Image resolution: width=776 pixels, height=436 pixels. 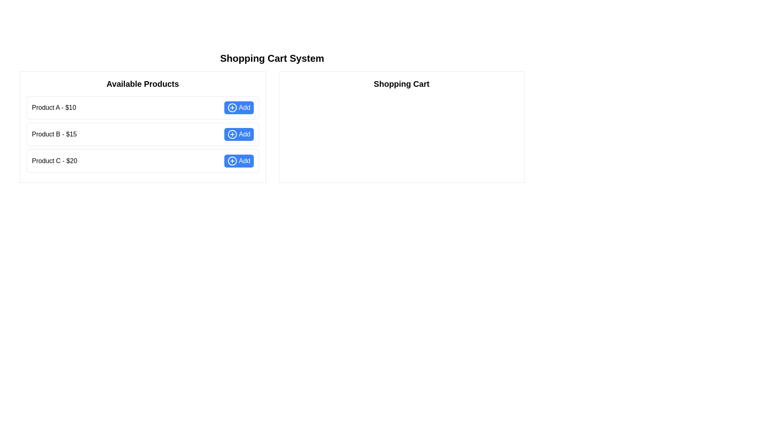 What do you see at coordinates (232, 161) in the screenshot?
I see `the circular icon embedded within the button adjacent to the text label 'Add' in the third row of the product list under 'Available Products'` at bounding box center [232, 161].